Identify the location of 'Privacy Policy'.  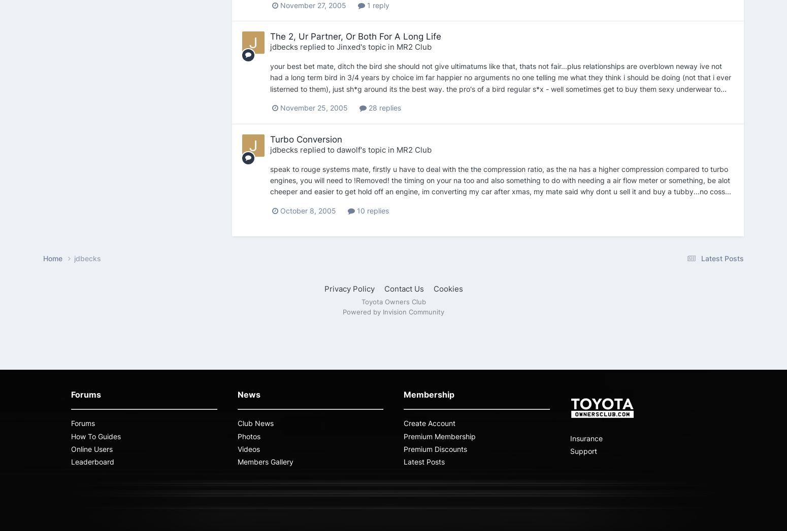
(348, 288).